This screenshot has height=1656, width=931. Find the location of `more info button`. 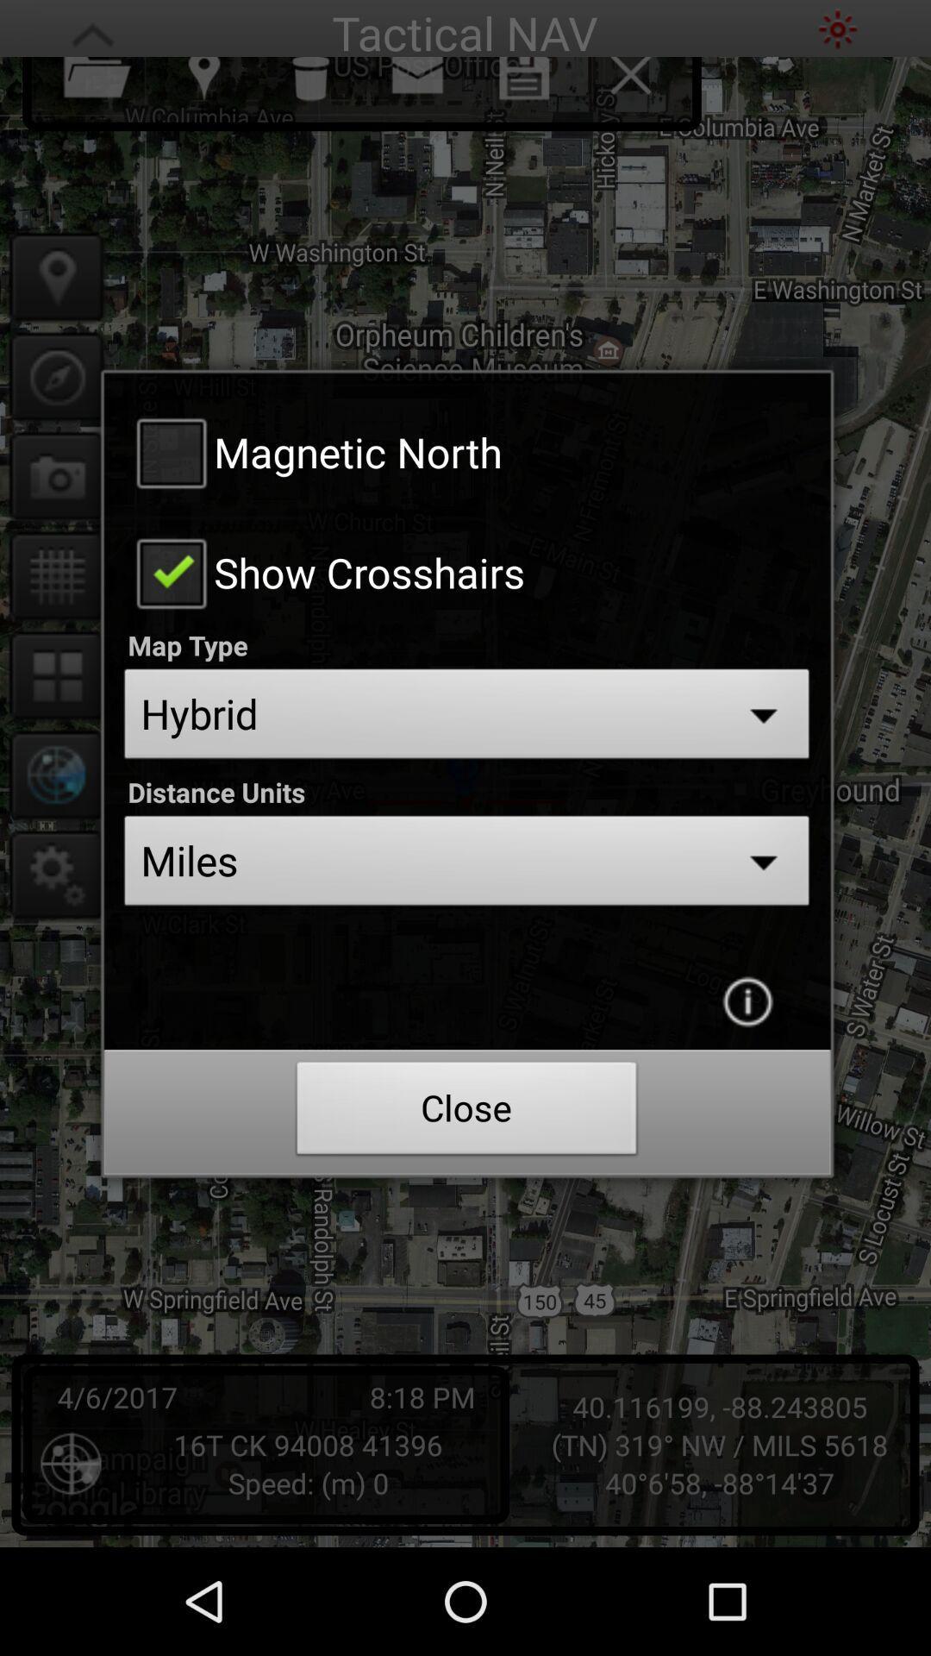

more info button is located at coordinates (747, 1001).